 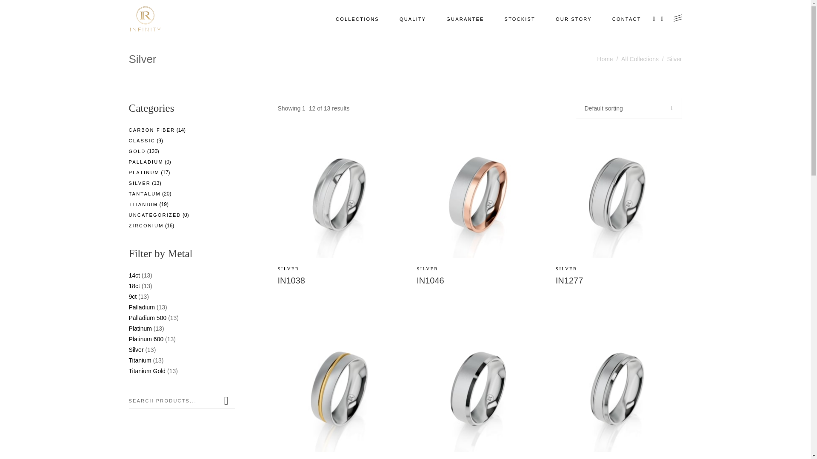 I want to click on 'TITANIUM', so click(x=128, y=204).